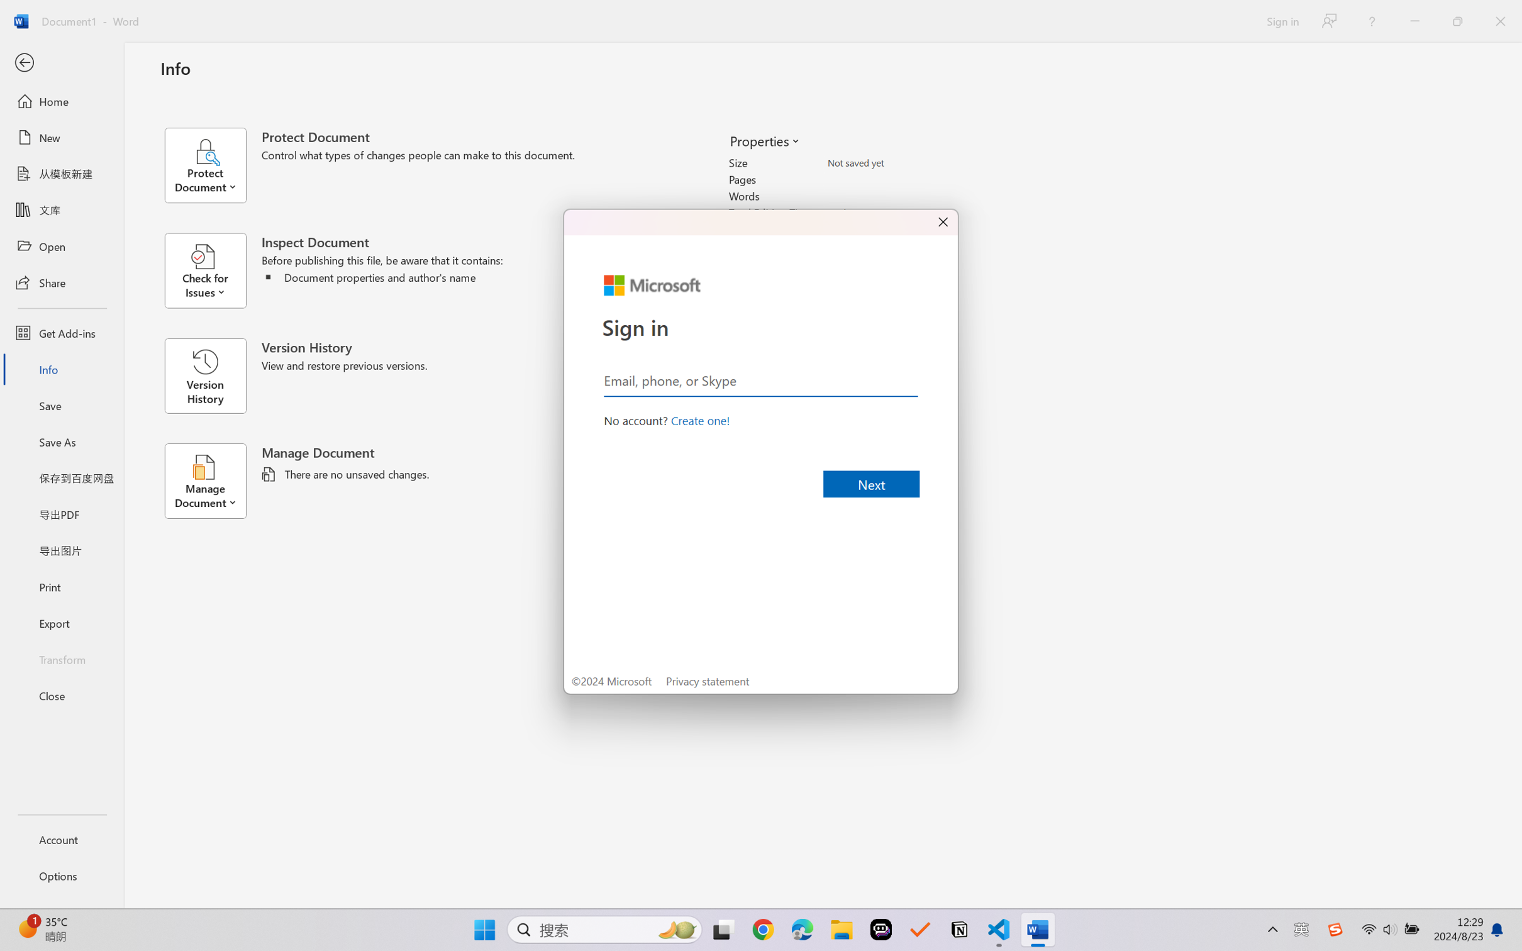  Describe the element at coordinates (61, 587) in the screenshot. I see `'Print'` at that location.